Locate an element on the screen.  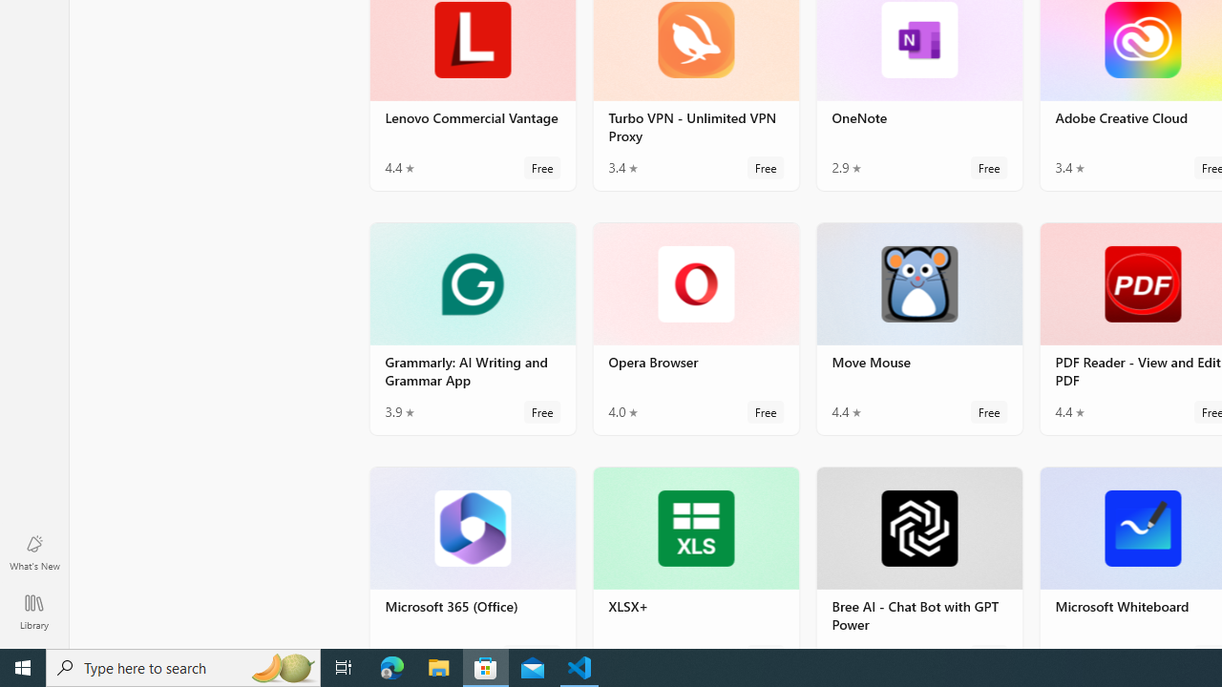
'Library' is located at coordinates (33, 611).